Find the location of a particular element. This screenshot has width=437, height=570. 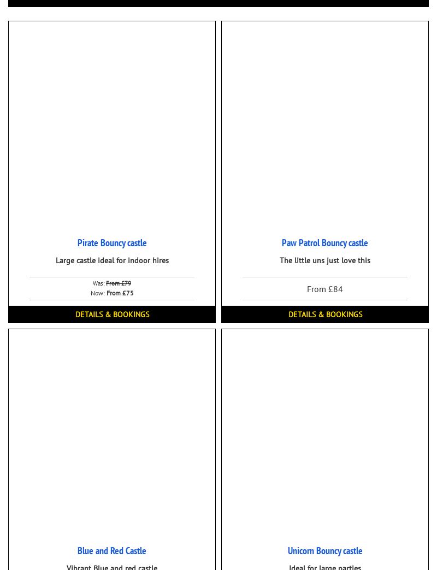

'From £79' is located at coordinates (118, 283).